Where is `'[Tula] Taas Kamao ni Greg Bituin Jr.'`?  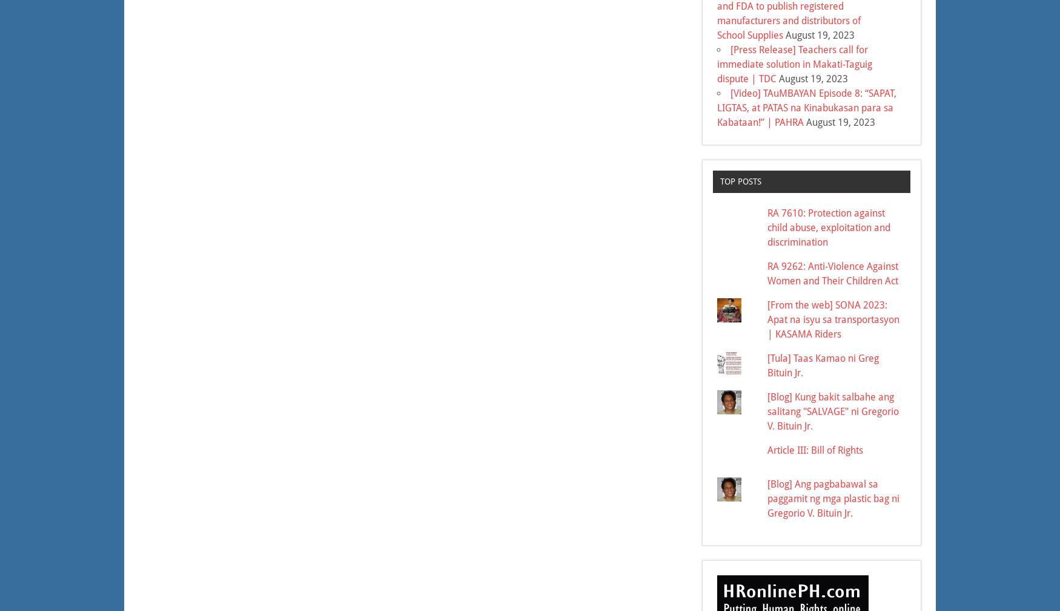
'[Tula] Taas Kamao ni Greg Bituin Jr.' is located at coordinates (823, 364).